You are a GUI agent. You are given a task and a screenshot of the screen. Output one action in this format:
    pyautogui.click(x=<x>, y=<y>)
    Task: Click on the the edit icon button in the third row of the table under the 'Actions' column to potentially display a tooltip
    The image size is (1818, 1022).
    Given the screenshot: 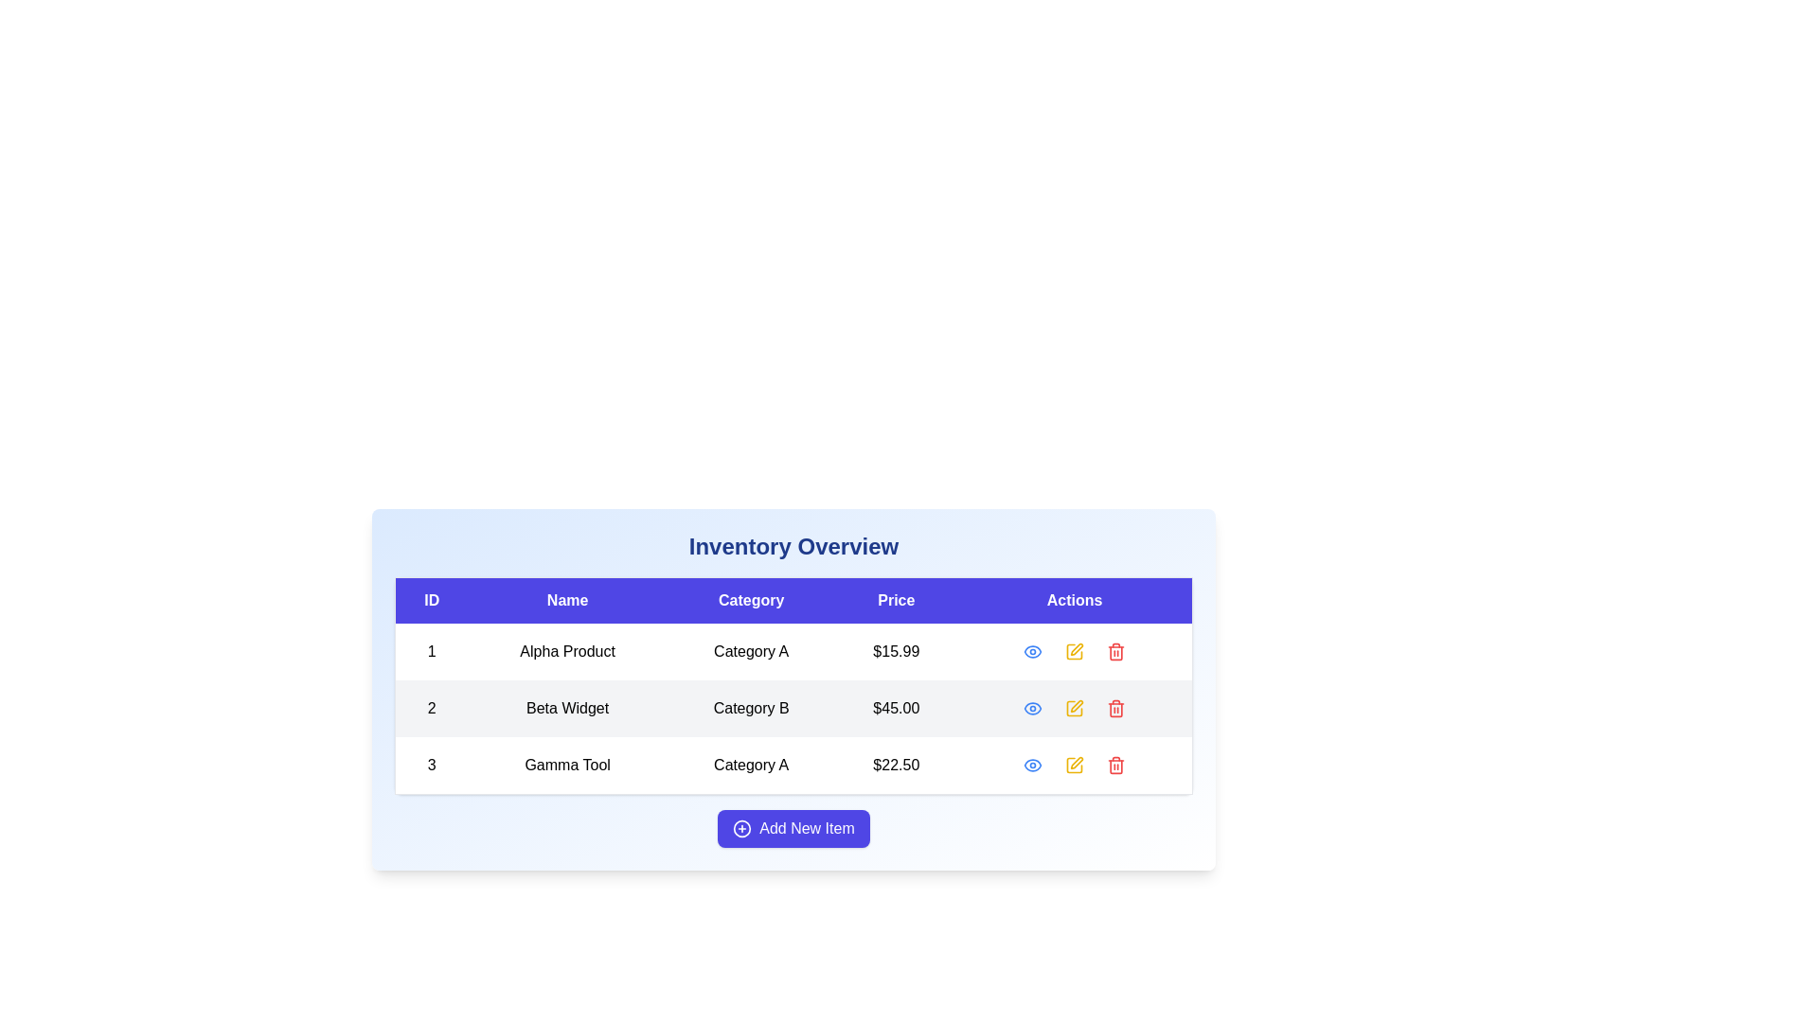 What is the action you would take?
    pyautogui.click(x=1075, y=765)
    